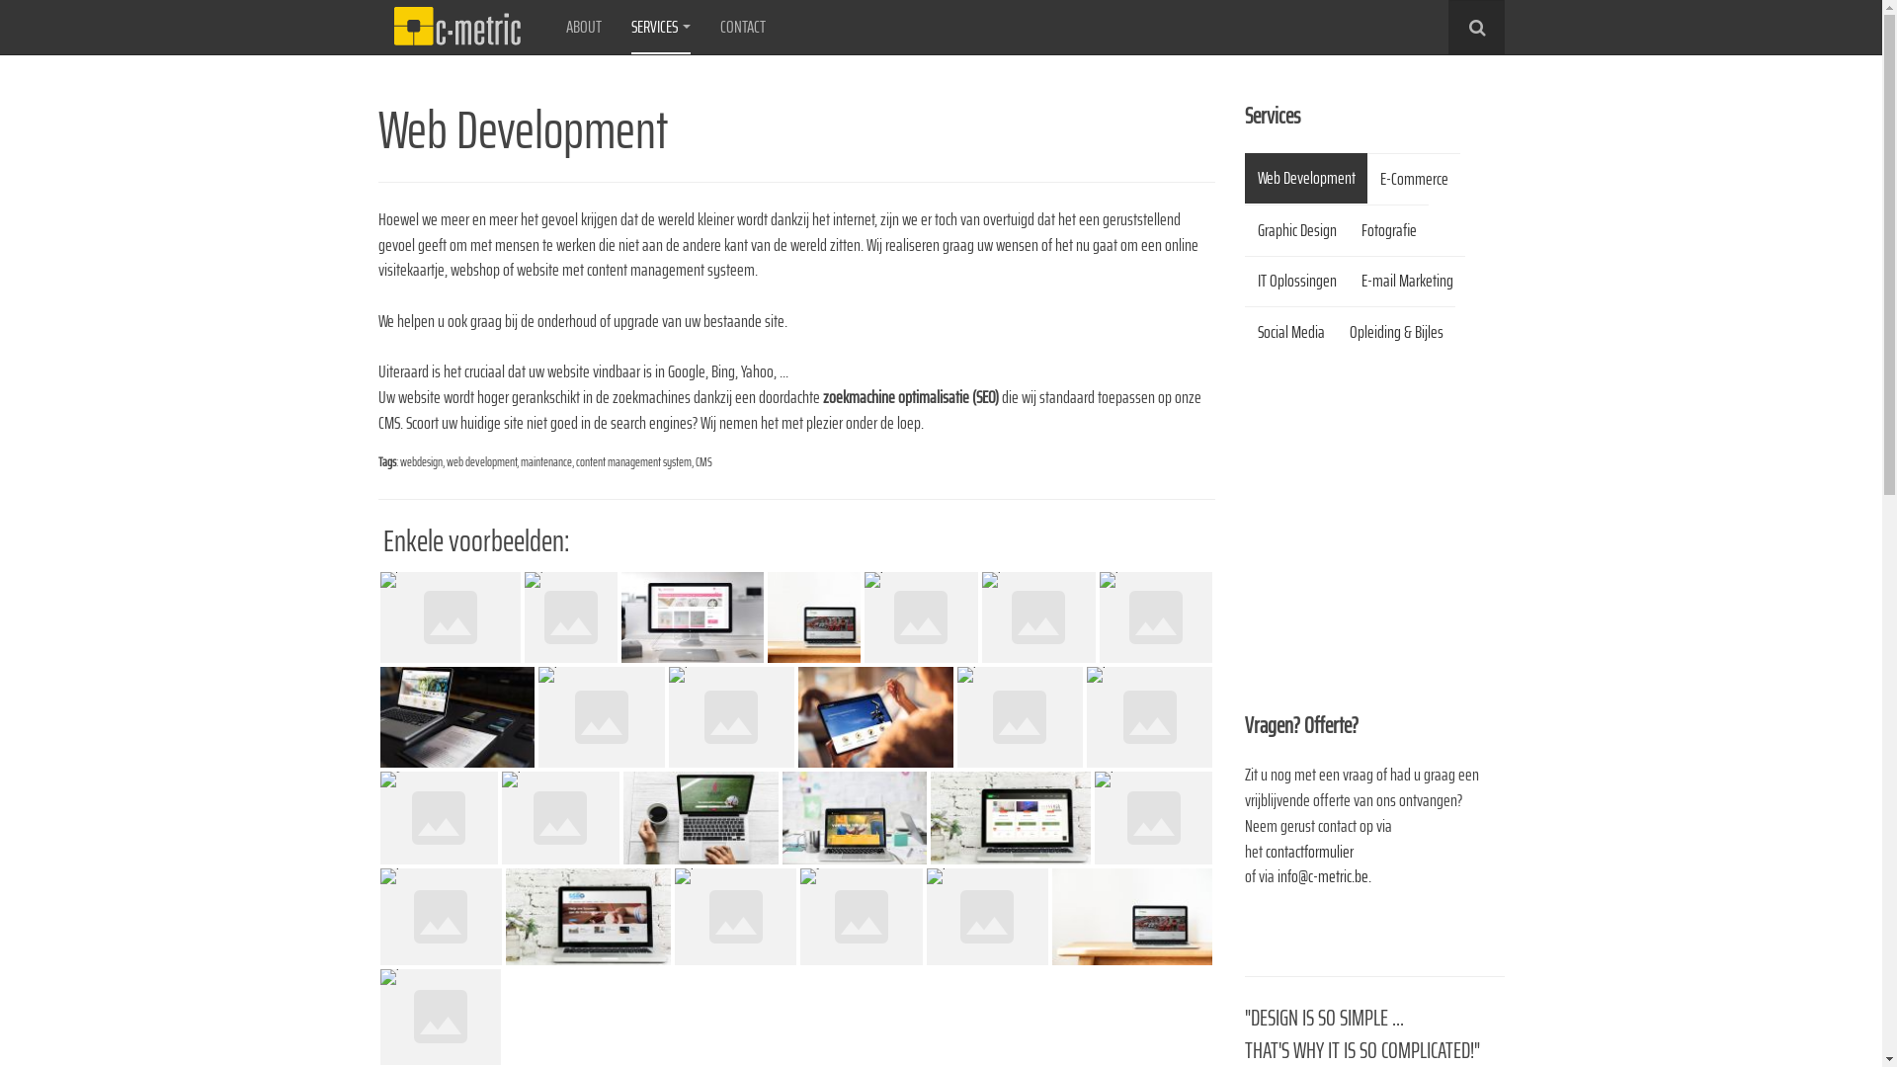 The width and height of the screenshot is (1897, 1067). What do you see at coordinates (1296, 282) in the screenshot?
I see `'IT Oplossingen'` at bounding box center [1296, 282].